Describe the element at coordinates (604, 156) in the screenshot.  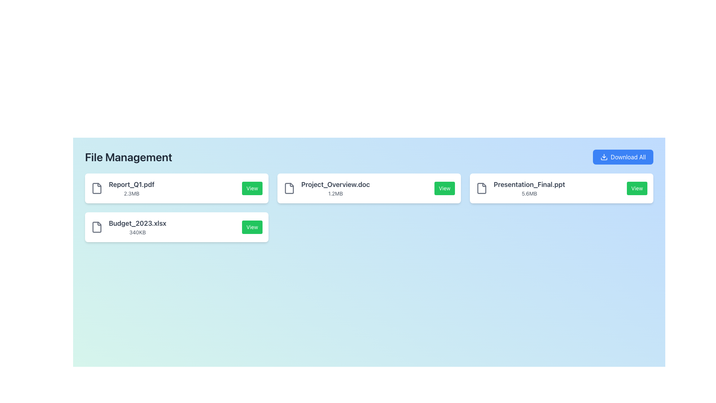
I see `the download icon located at the top-right corner of the 'Download All' button, which features a downward arrow above a horizontal line` at that location.